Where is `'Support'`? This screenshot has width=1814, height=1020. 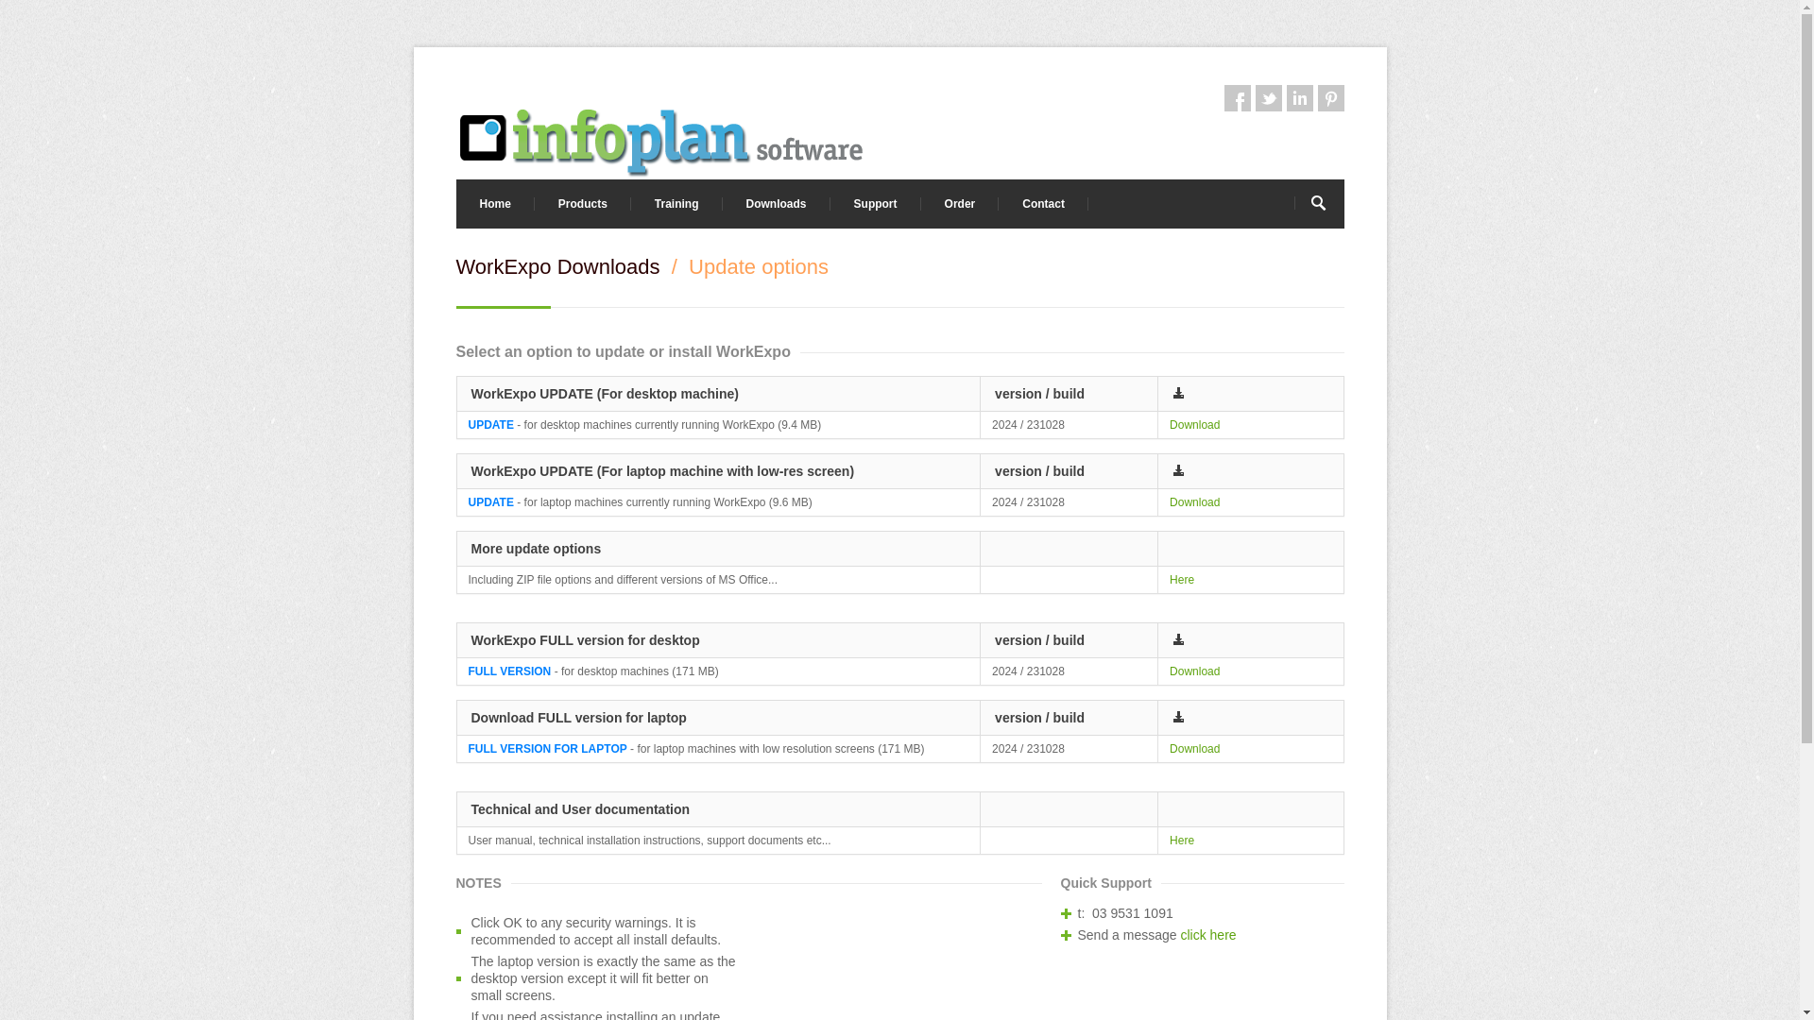
'Support' is located at coordinates (874, 204).